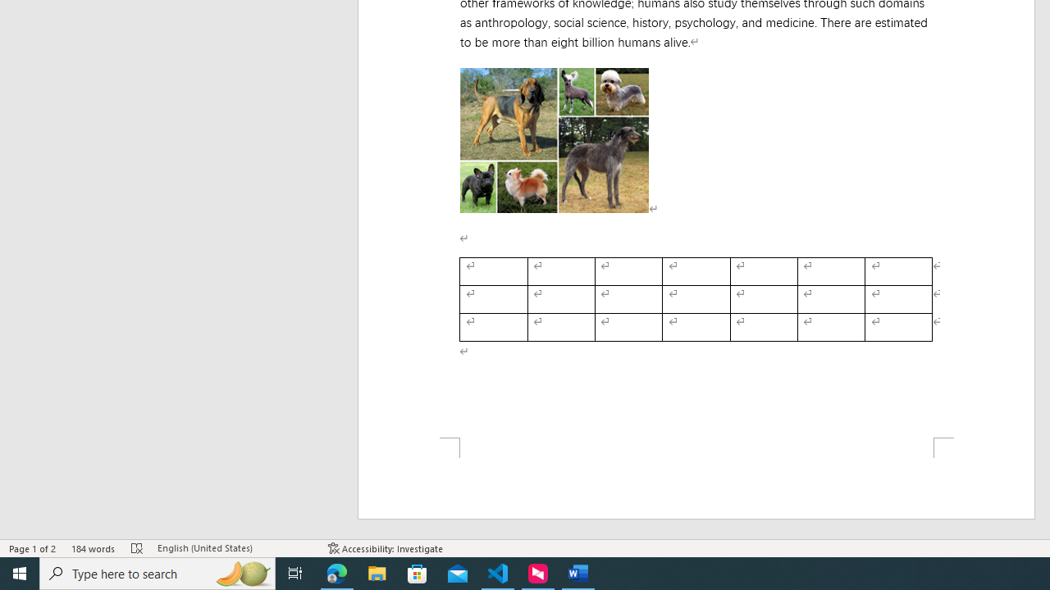 The image size is (1050, 590). Describe the element at coordinates (33, 548) in the screenshot. I see `'Page Number Page 1 of 2'` at that location.